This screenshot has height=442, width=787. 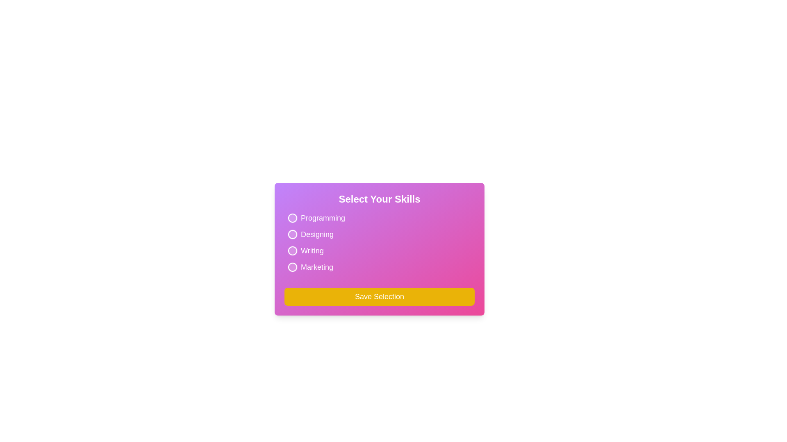 What do you see at coordinates (304, 250) in the screenshot?
I see `the interactive element for Writing` at bounding box center [304, 250].